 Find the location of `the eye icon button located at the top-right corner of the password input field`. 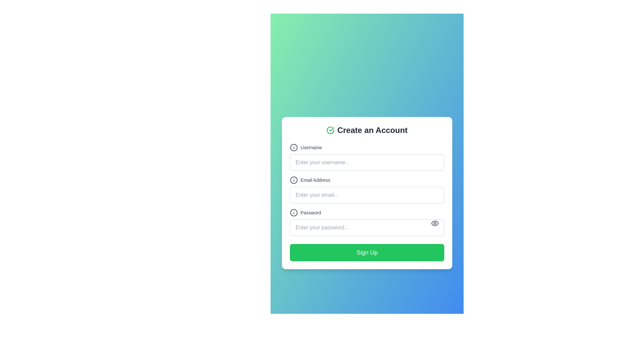

the eye icon button located at the top-right corner of the password input field is located at coordinates (435, 223).